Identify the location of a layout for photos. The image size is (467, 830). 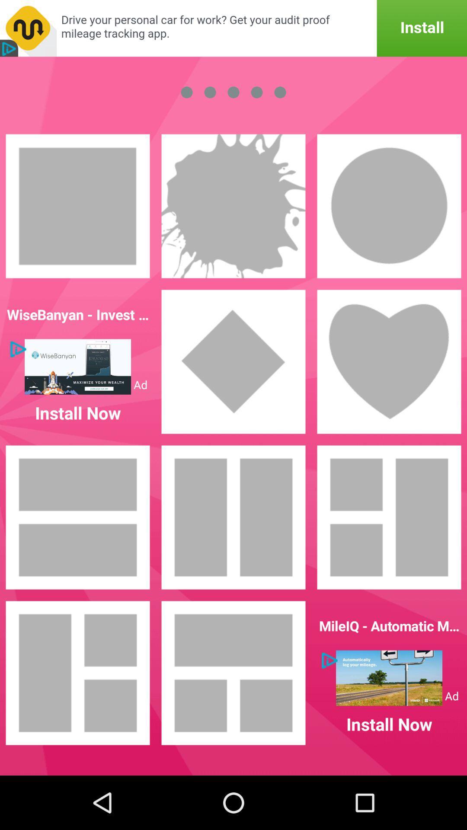
(388, 517).